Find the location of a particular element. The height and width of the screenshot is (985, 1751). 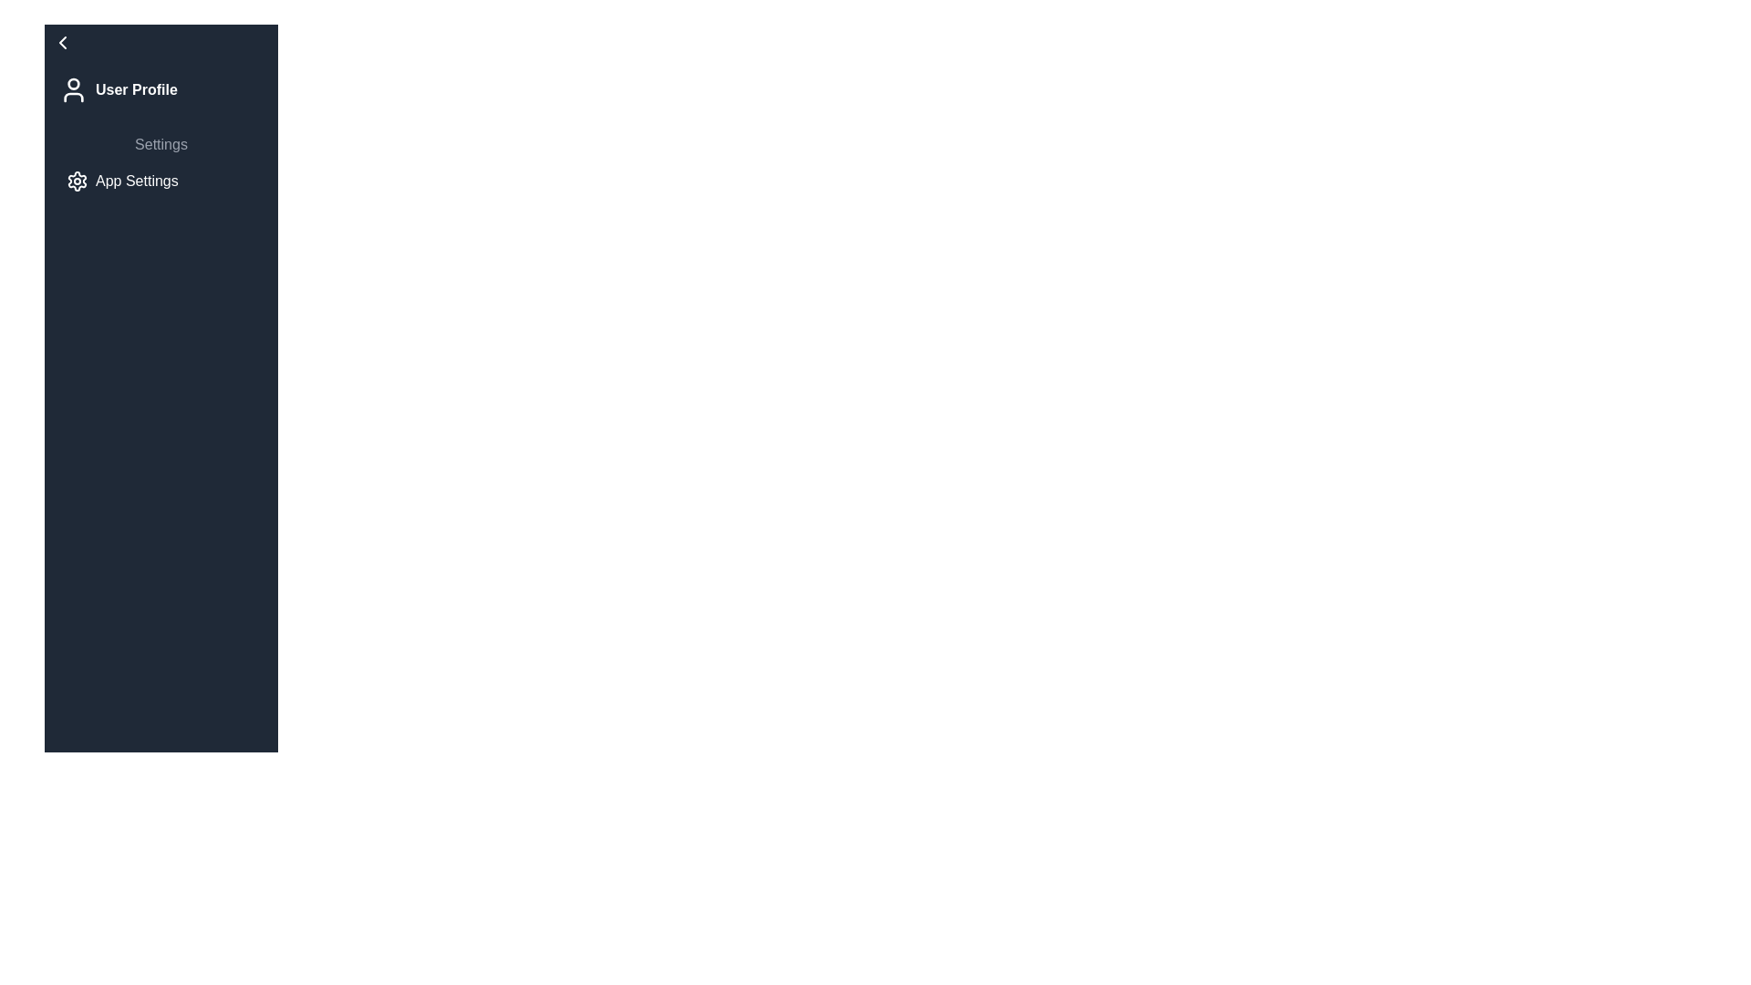

the icon representing 'App Settings', which is positioned on the left side of the 'App Settings' text, as it serves as an interactive clickable area for accessing settings functionalities is located at coordinates (77, 181).